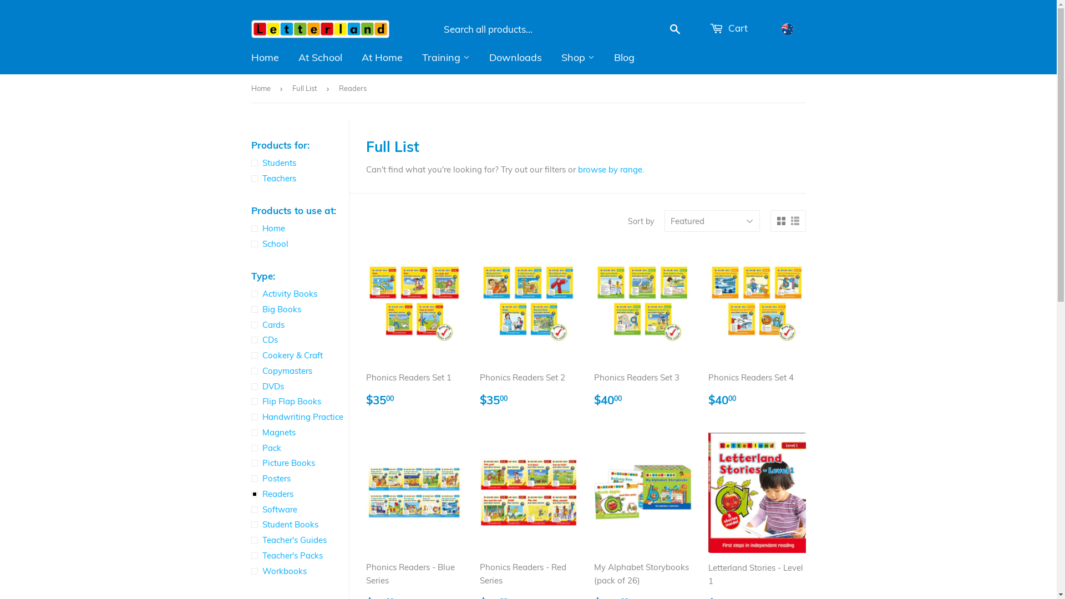  I want to click on 'DVDs', so click(299, 386).